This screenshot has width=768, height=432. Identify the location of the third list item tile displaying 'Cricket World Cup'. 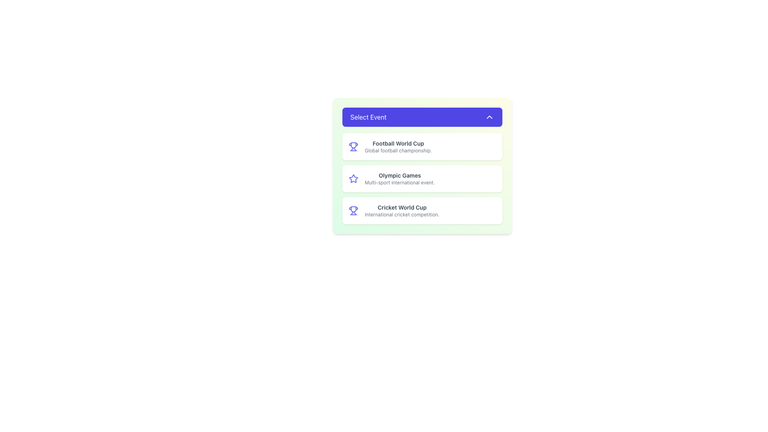
(422, 210).